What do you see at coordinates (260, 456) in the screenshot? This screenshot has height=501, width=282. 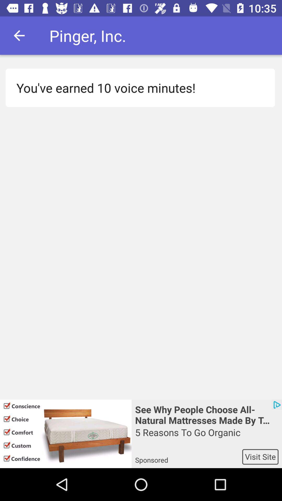 I see `the visit site app` at bounding box center [260, 456].